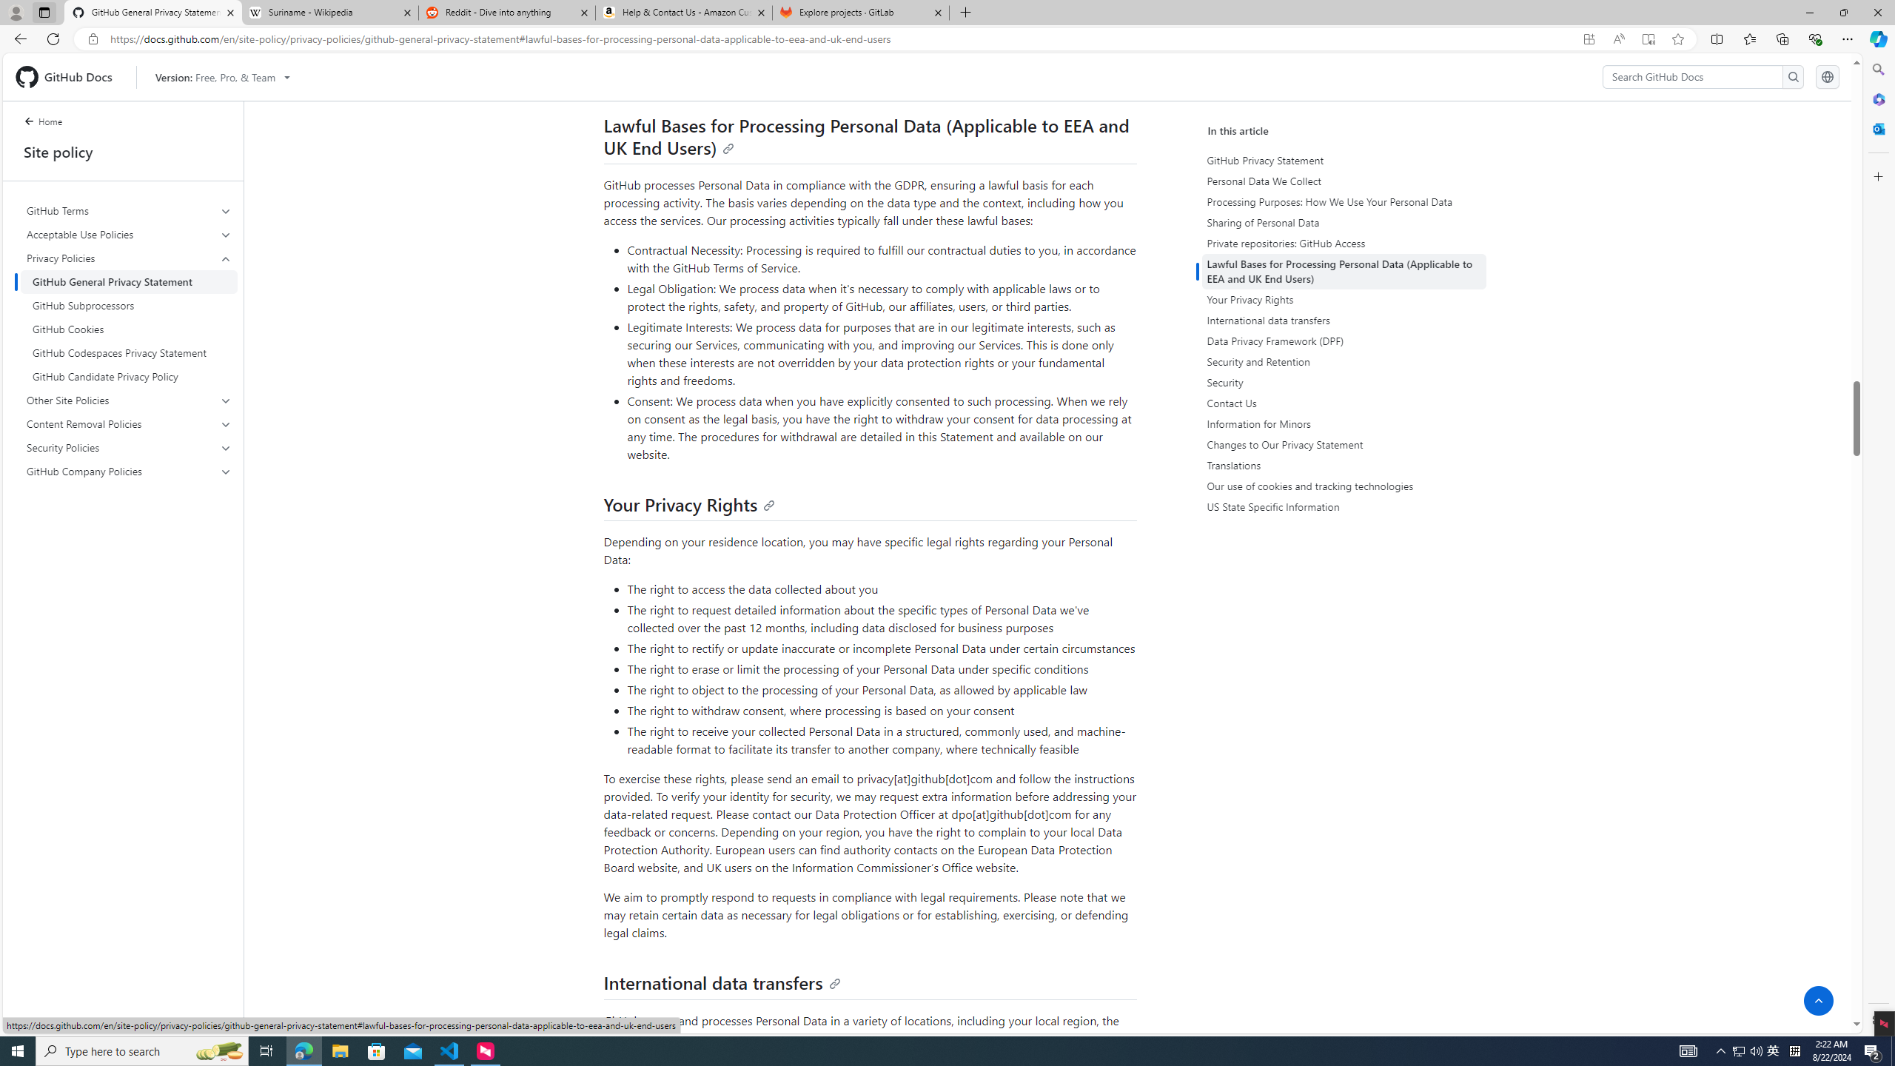 The width and height of the screenshot is (1895, 1066). I want to click on 'Private repositories: GitHub Access', so click(1343, 244).